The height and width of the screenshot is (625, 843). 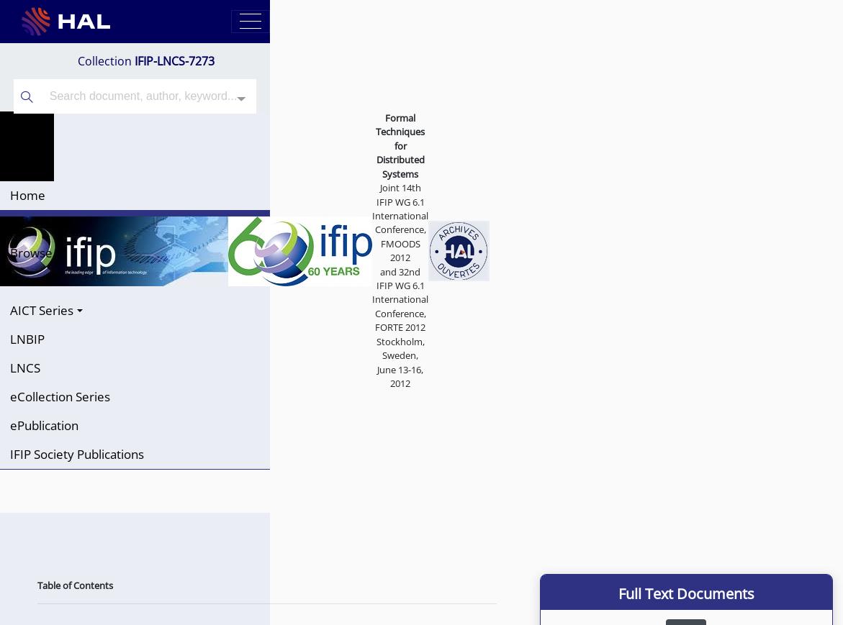 What do you see at coordinates (376, 362) in the screenshot?
I see `'Stockholm, Sweden, June 13-16, 2012'` at bounding box center [376, 362].